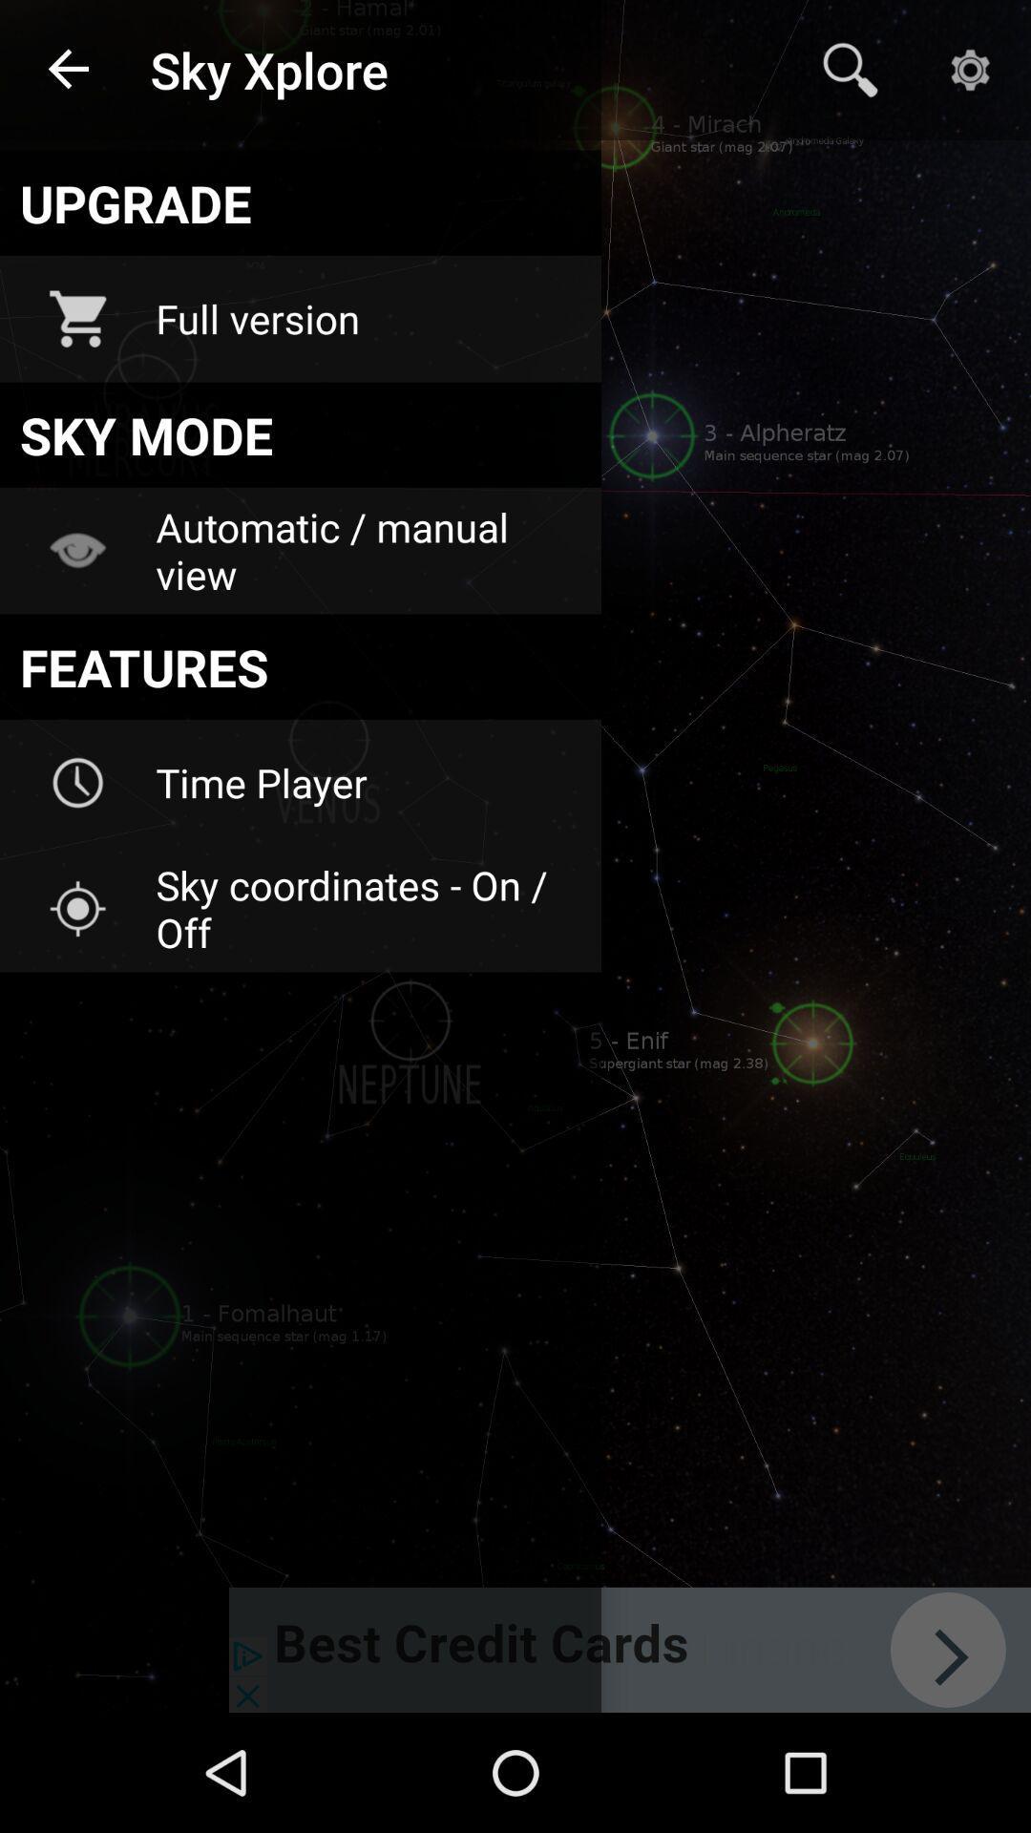  Describe the element at coordinates (69, 70) in the screenshot. I see `the app to the left of sky xplore` at that location.